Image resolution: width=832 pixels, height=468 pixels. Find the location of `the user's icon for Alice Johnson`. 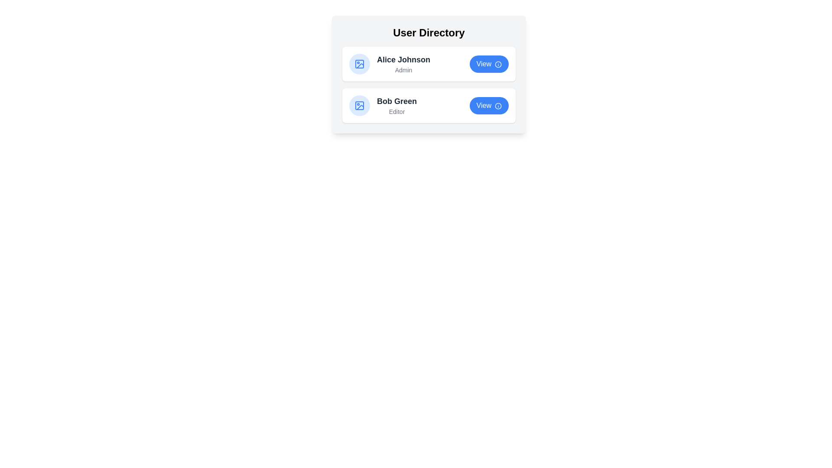

the user's icon for Alice Johnson is located at coordinates (360, 63).